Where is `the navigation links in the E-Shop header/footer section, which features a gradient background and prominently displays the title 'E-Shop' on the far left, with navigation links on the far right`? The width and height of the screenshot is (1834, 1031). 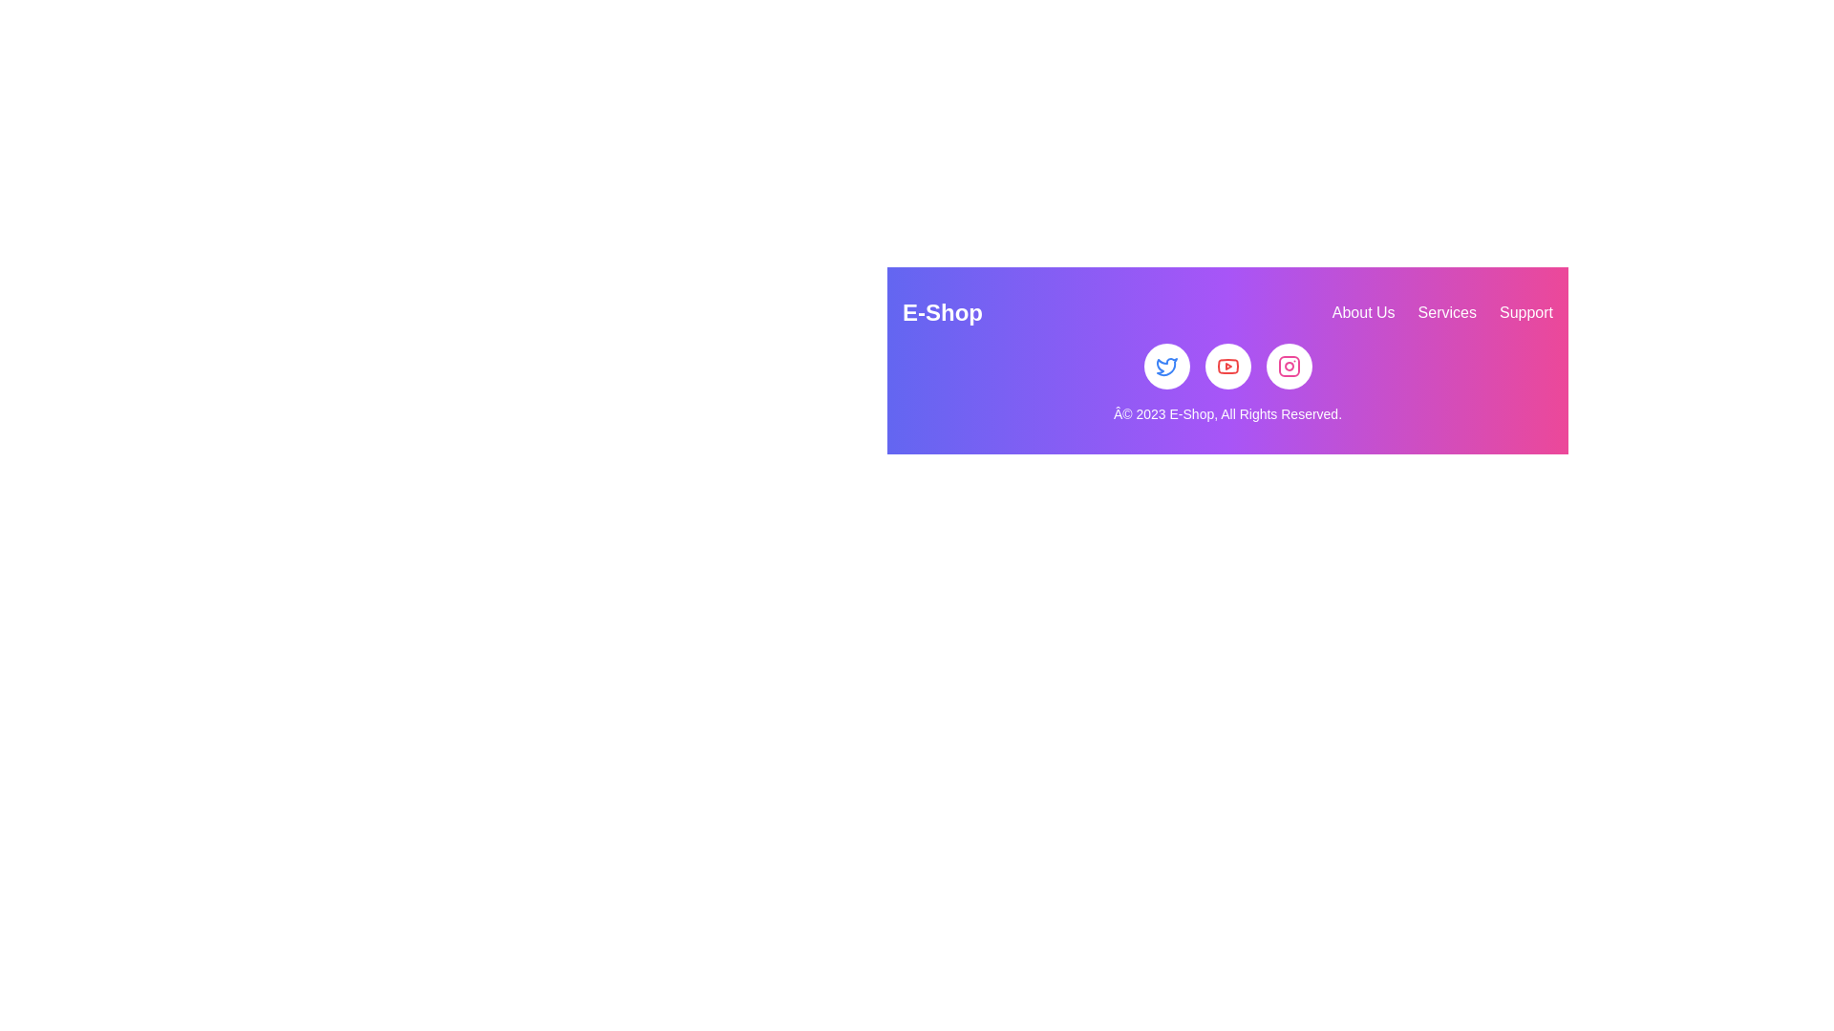 the navigation links in the E-Shop header/footer section, which features a gradient background and prominently displays the title 'E-Shop' on the far left, with navigation links on the far right is located at coordinates (1227, 361).